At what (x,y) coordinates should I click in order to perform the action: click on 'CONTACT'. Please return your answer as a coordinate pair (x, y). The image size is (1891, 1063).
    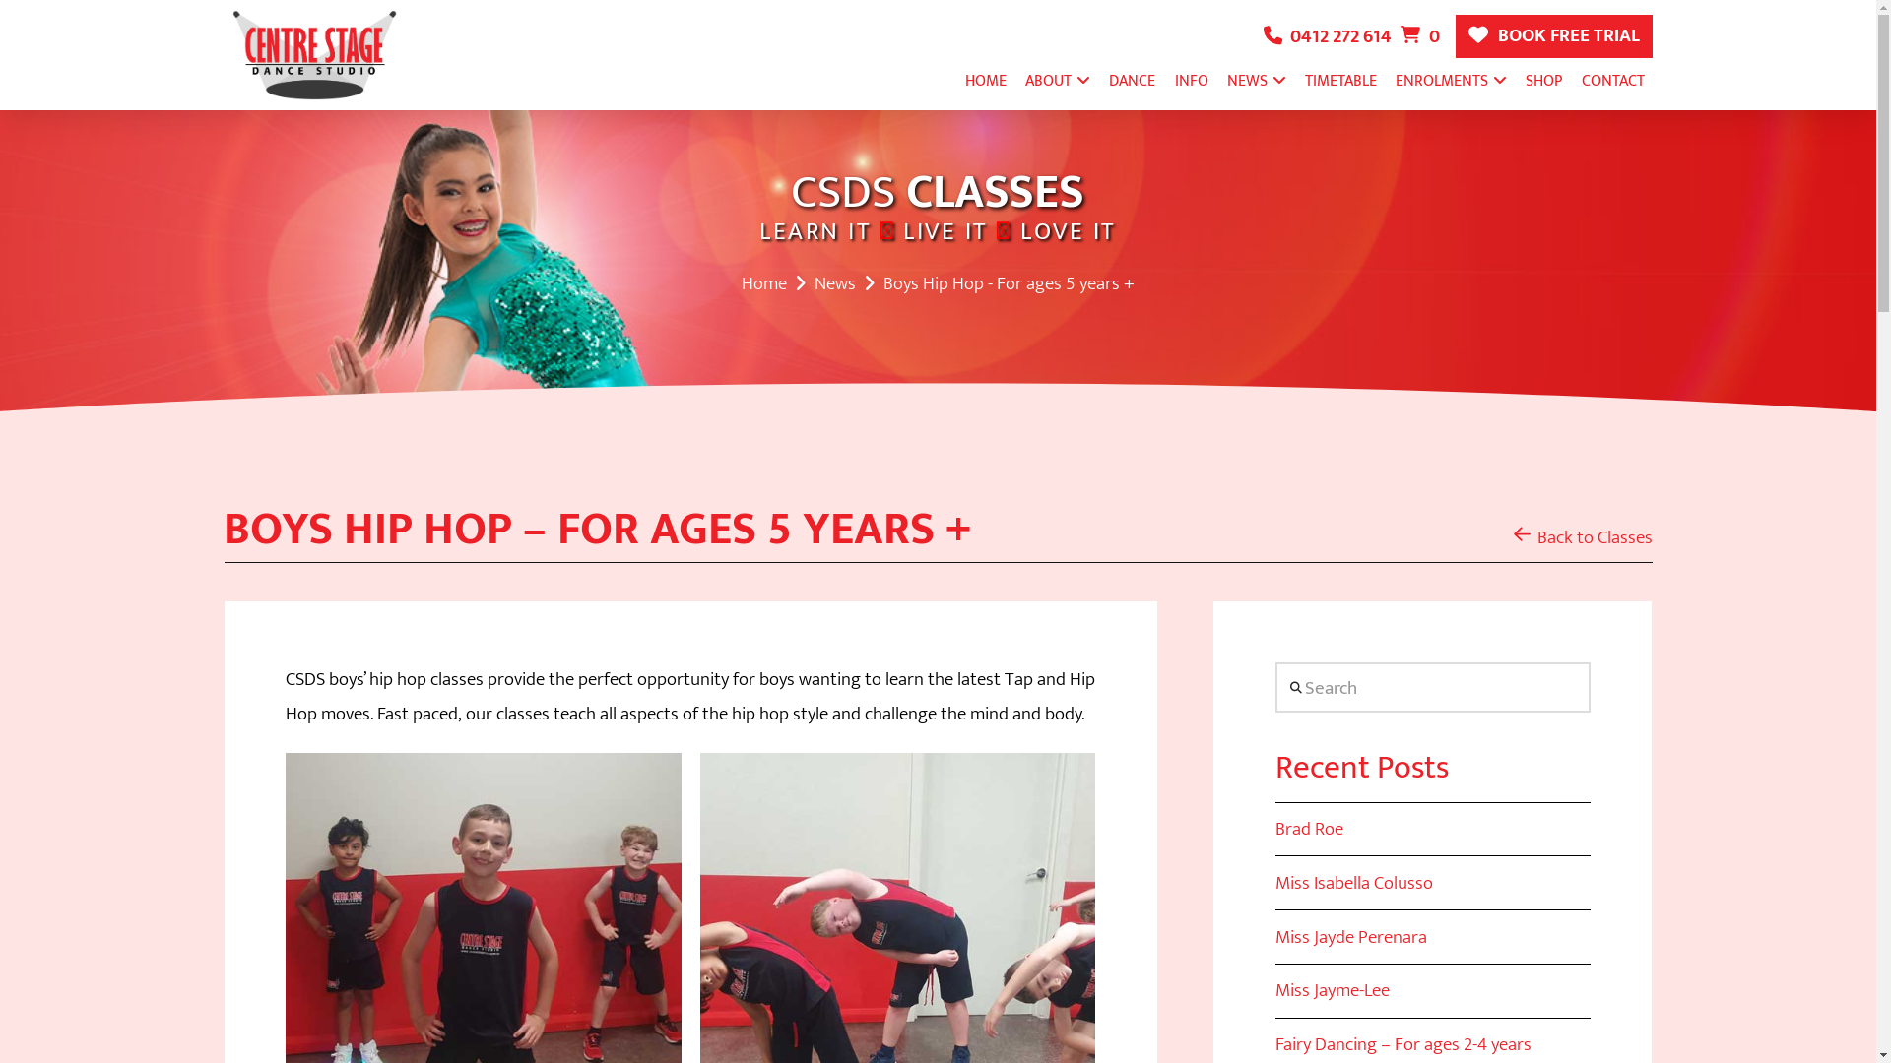
    Looking at the image, I should click on (1612, 79).